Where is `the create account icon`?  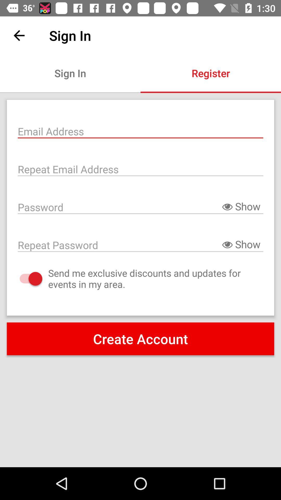 the create account icon is located at coordinates (140, 339).